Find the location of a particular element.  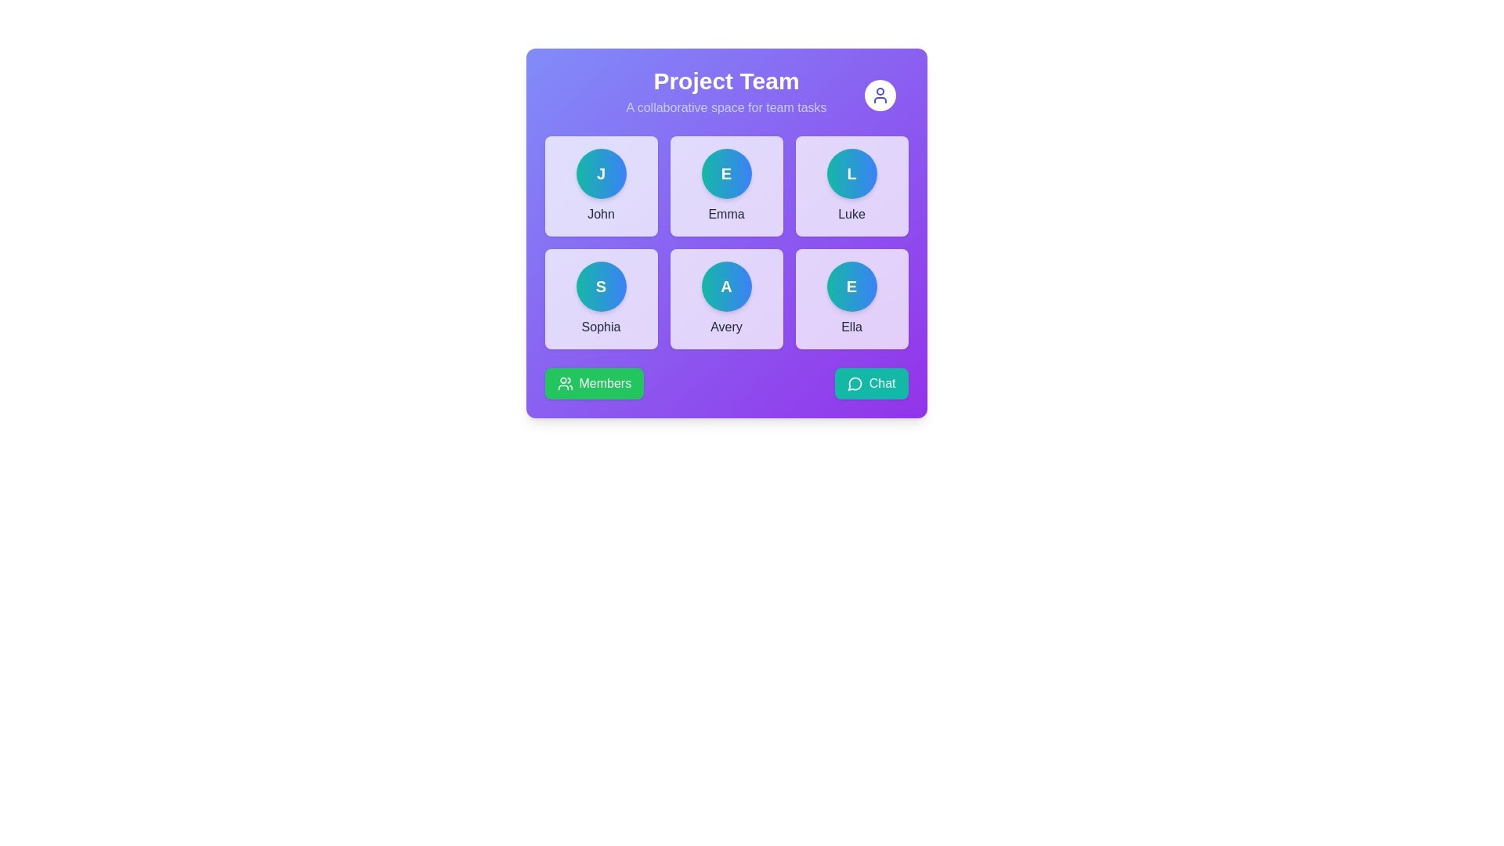

the text label displaying the name 'John' which is positioned below the circular avatar labeled 'J' in the top-left card of the user profiles grid is located at coordinates (600, 214).